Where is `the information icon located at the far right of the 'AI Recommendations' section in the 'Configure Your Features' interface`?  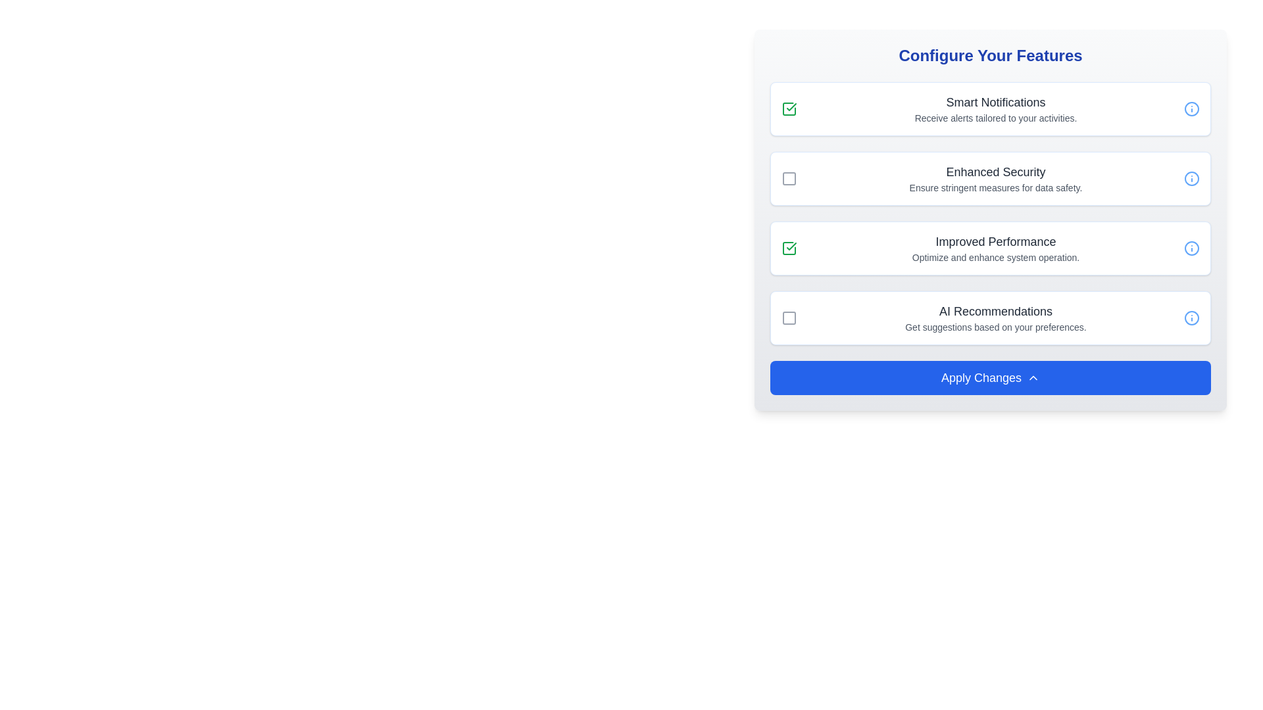
the information icon located at the far right of the 'AI Recommendations' section in the 'Configure Your Features' interface is located at coordinates (1191, 318).